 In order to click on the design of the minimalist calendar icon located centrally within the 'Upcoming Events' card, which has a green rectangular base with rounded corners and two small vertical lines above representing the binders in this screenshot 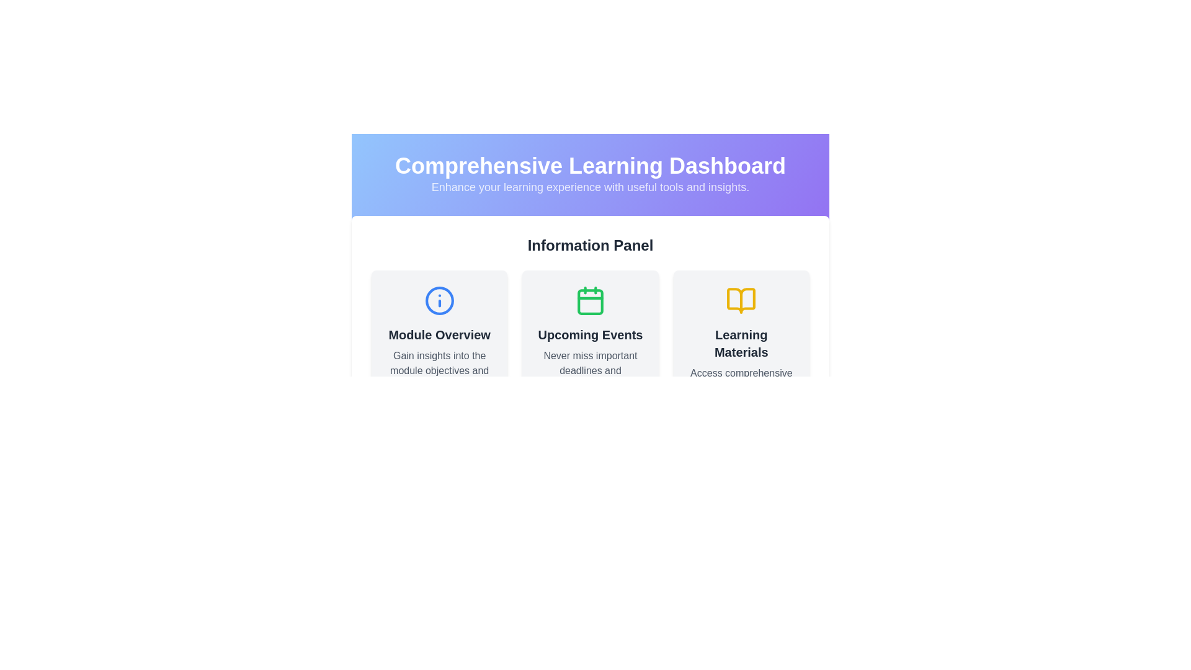, I will do `click(589, 301)`.